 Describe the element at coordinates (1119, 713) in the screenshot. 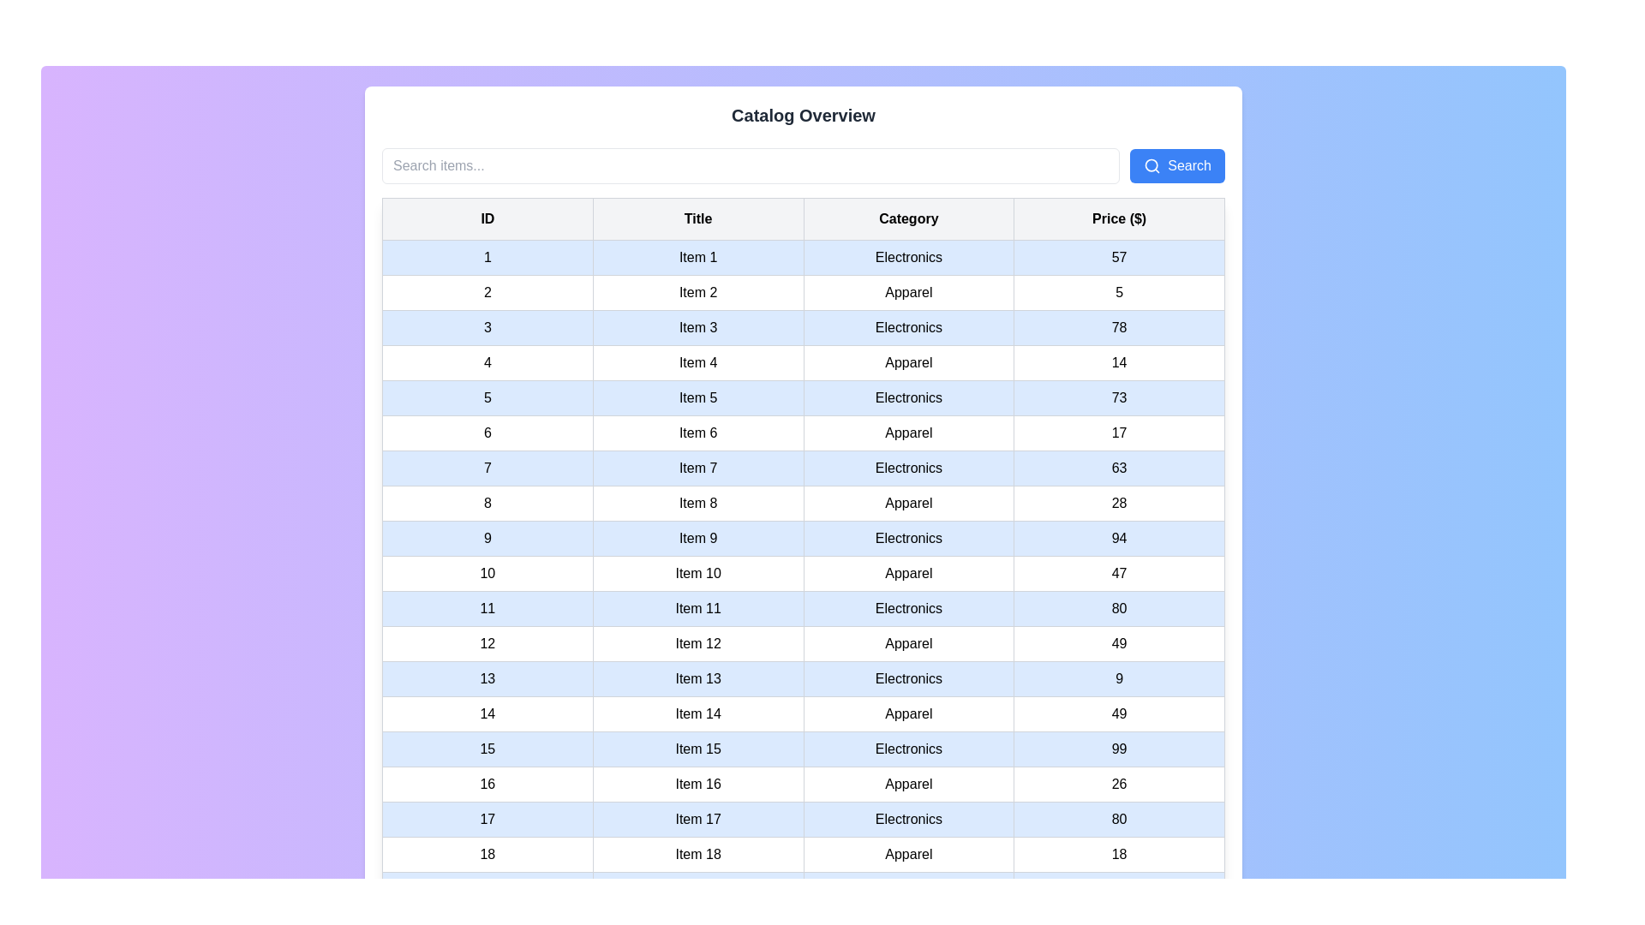

I see `the static text field displaying the price '49' in the fourth column of the 14th row of the table` at that location.